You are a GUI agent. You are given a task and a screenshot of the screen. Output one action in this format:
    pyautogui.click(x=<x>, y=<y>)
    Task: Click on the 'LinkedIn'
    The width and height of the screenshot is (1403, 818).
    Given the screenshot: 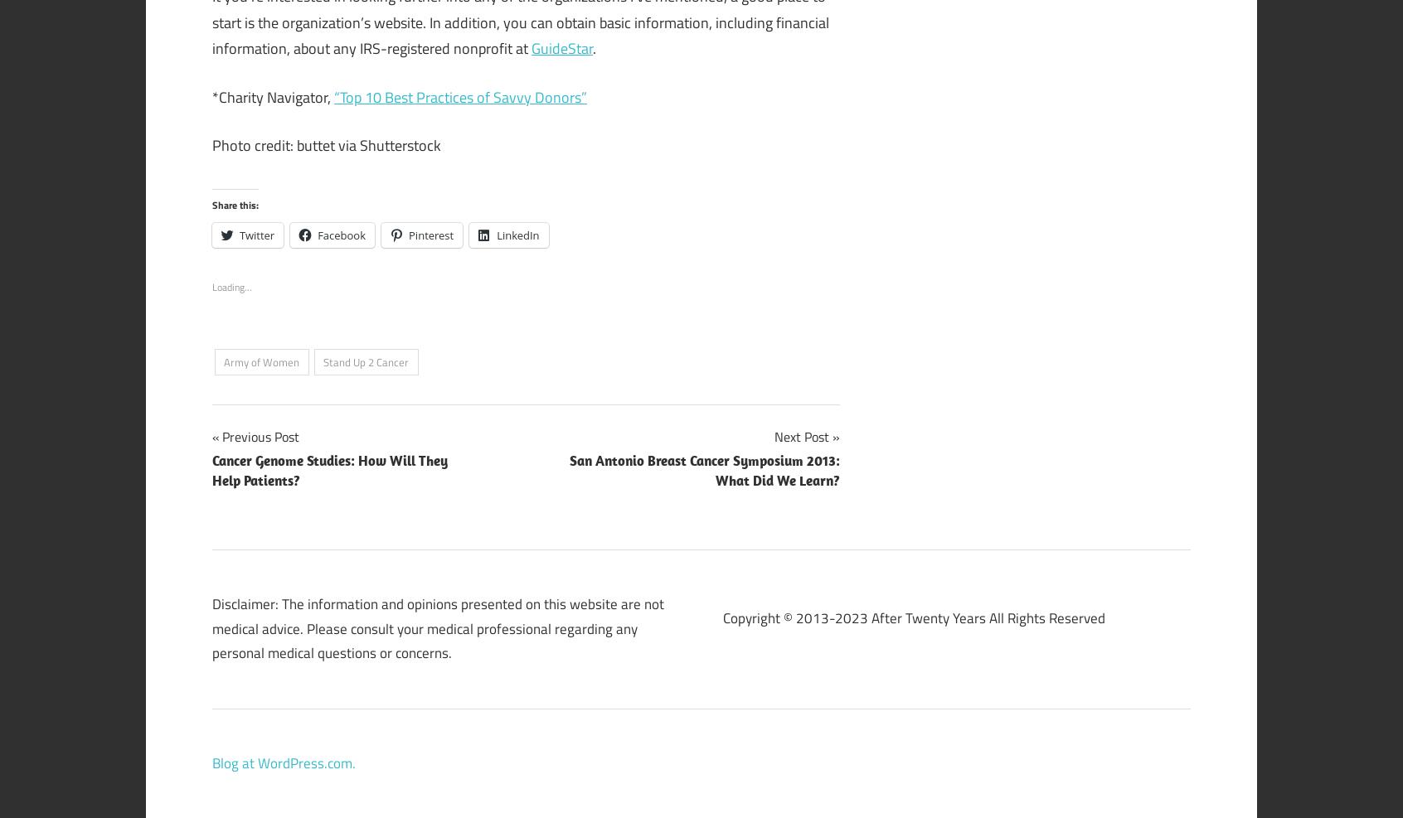 What is the action you would take?
    pyautogui.click(x=517, y=234)
    